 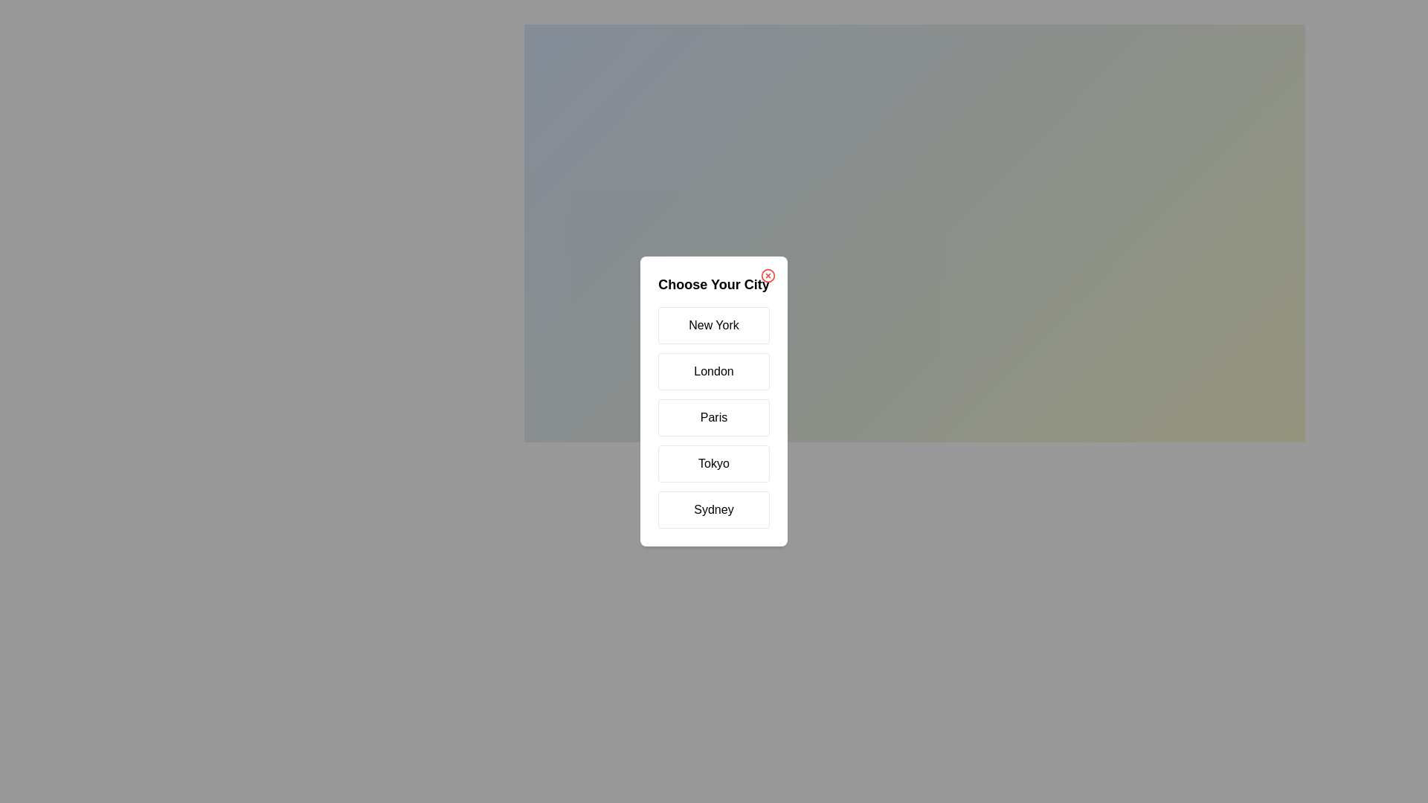 I want to click on the city Sydney from the list, so click(x=714, y=509).